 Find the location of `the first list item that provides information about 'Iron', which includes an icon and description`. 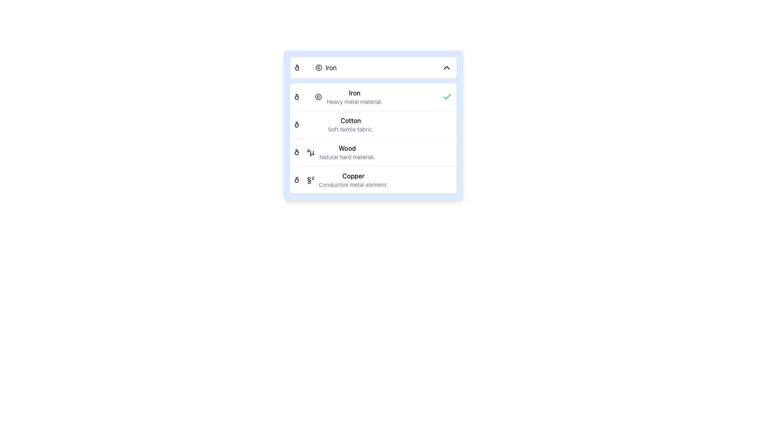

the first list item that provides information about 'Iron', which includes an icon and description is located at coordinates (373, 97).